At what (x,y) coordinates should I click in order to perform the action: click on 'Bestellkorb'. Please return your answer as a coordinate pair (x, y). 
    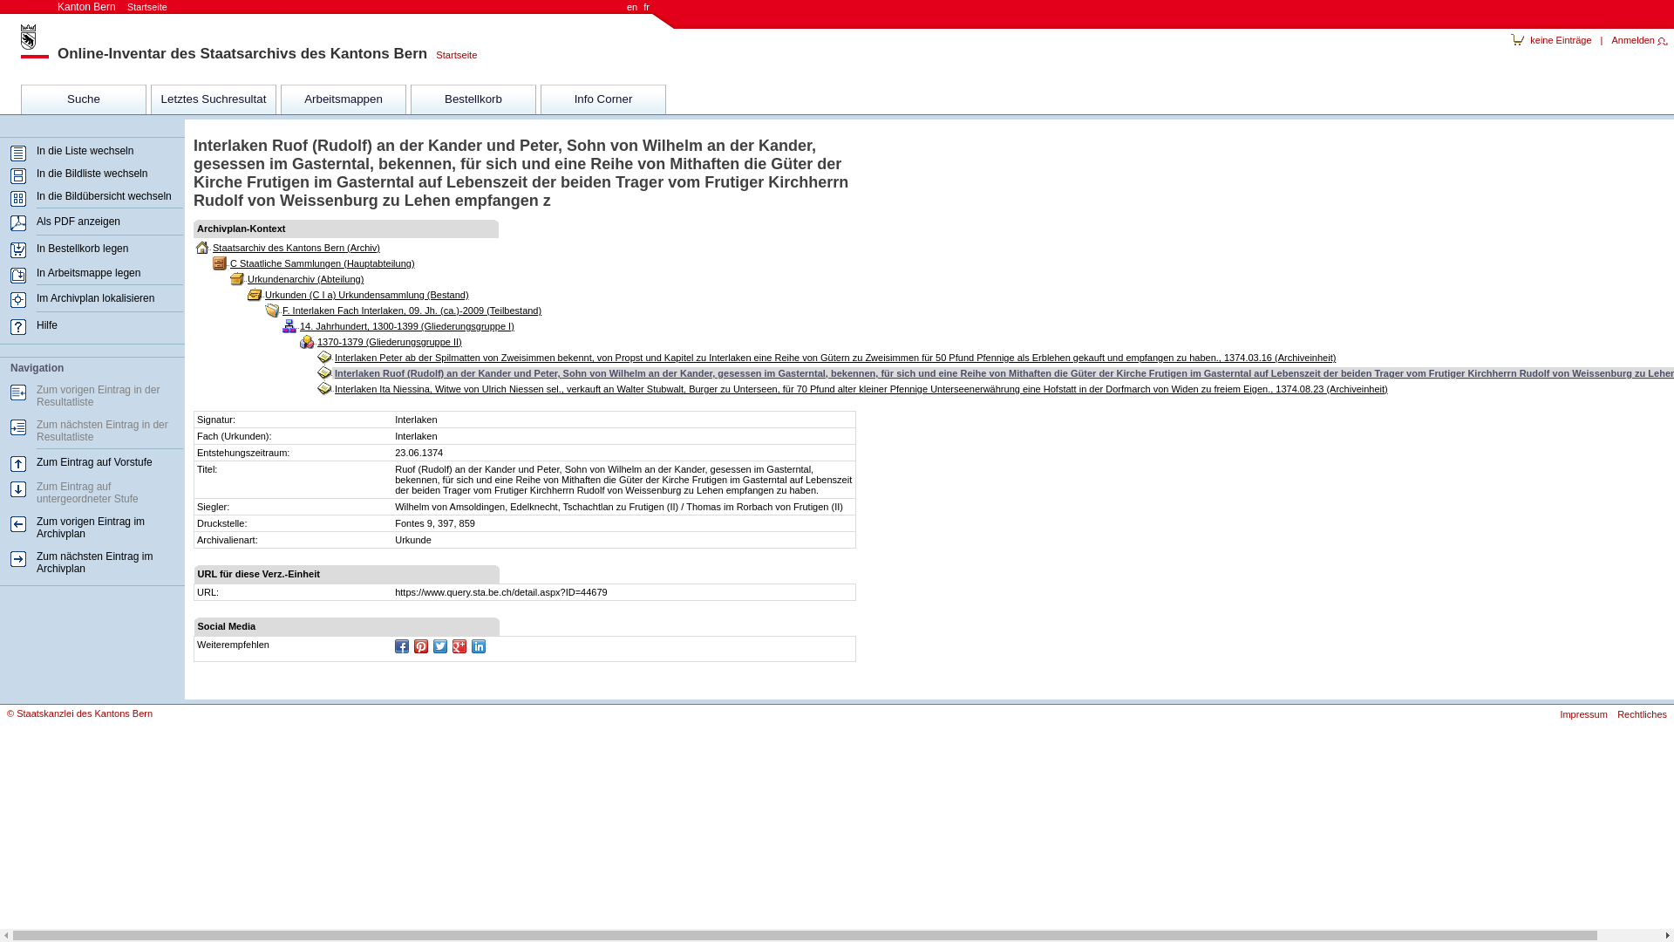
    Looking at the image, I should click on (473, 99).